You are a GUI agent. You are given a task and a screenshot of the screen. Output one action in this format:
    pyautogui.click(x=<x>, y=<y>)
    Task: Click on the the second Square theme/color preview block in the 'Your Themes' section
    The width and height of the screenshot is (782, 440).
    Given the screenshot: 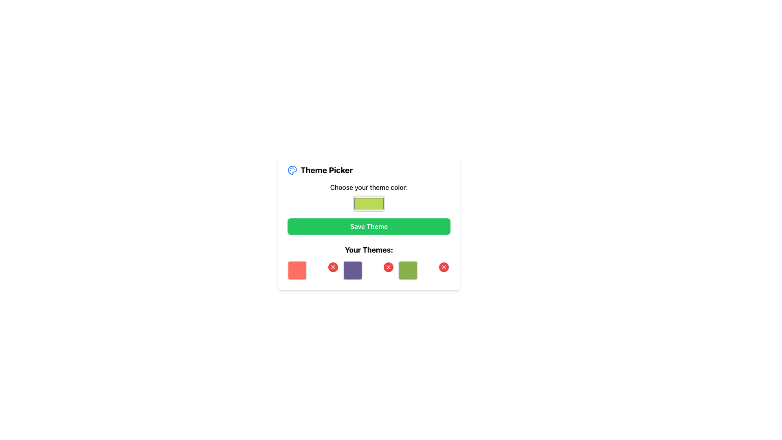 What is the action you would take?
    pyautogui.click(x=352, y=270)
    